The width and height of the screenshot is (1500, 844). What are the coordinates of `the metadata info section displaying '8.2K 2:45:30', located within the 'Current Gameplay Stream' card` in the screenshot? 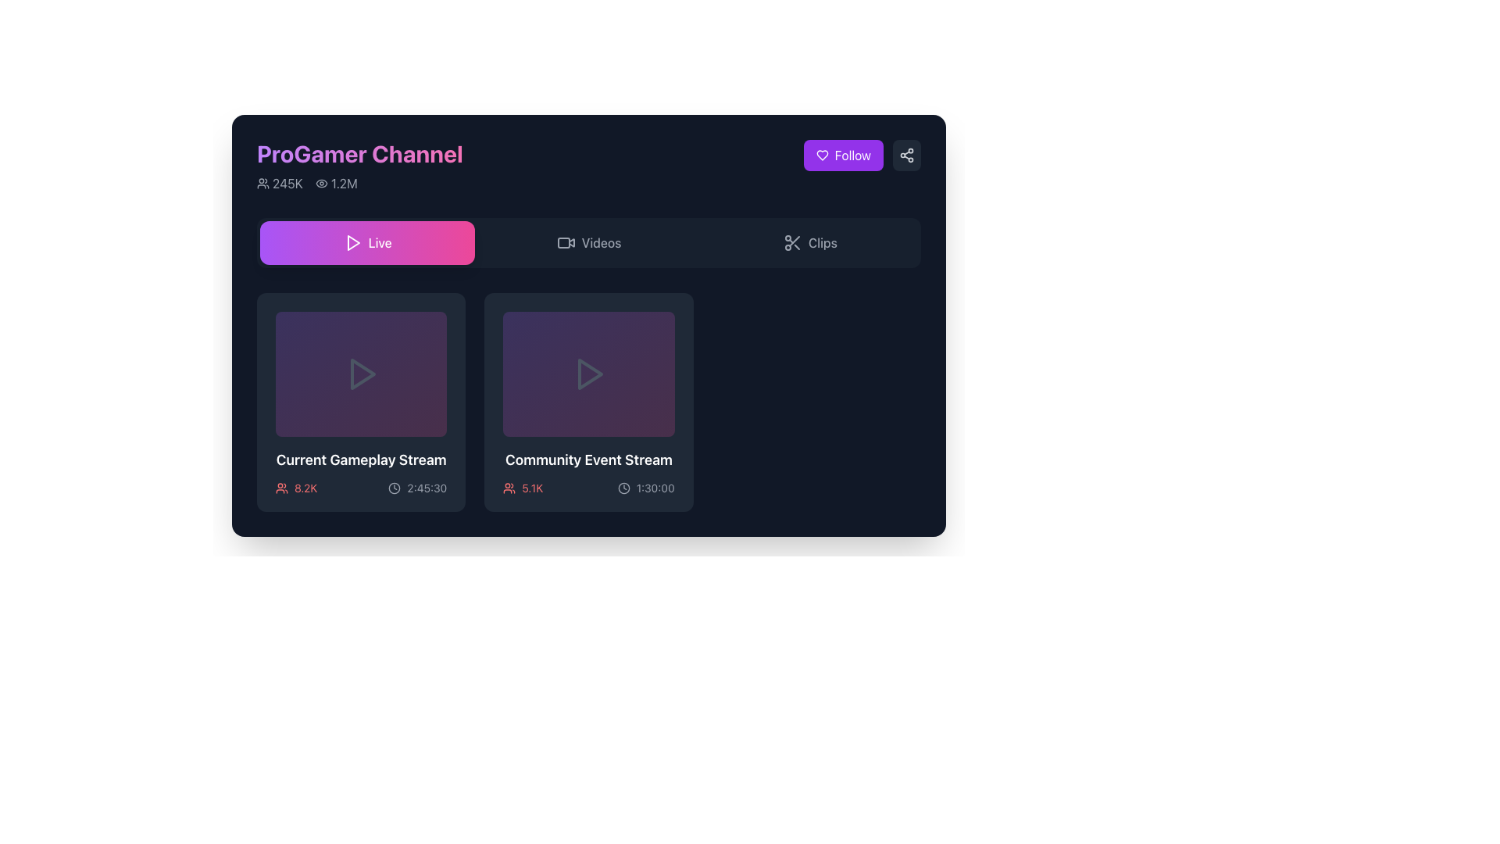 It's located at (360, 487).